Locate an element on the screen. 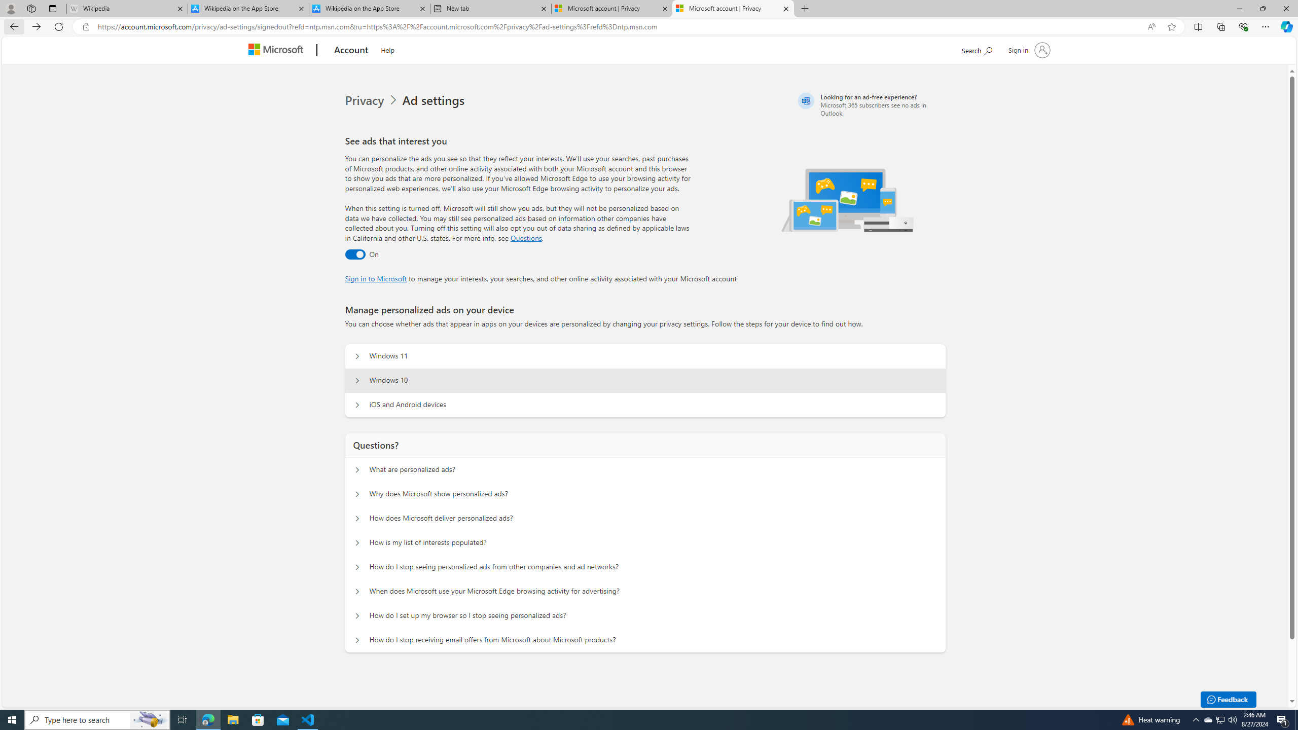 The width and height of the screenshot is (1298, 730). 'Workspaces' is located at coordinates (31, 8).